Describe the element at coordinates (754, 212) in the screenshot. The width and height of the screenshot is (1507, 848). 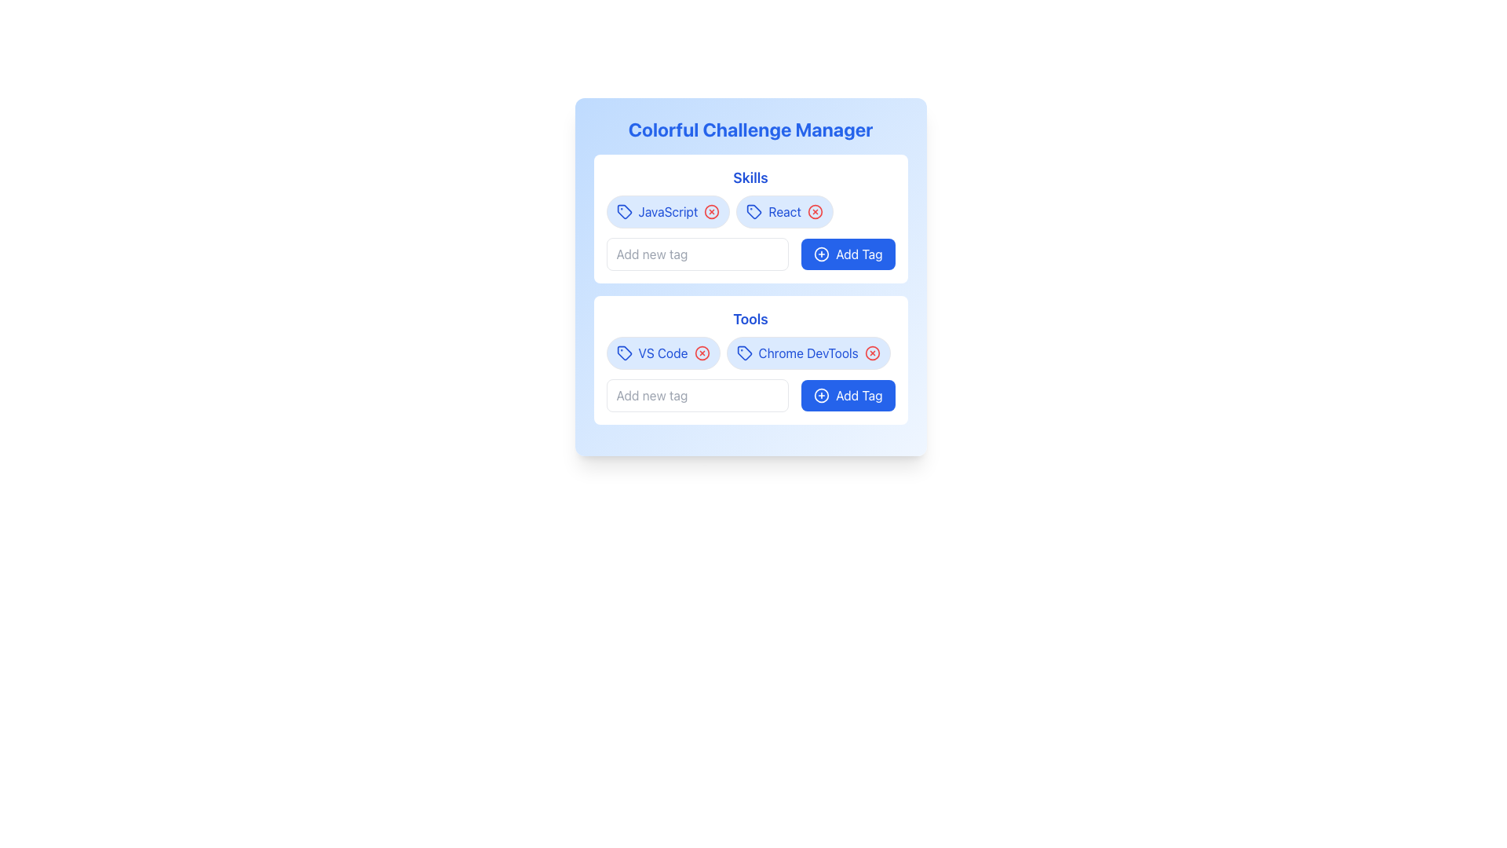
I see `the tag icon representing a skill in the second position under the 'Skills' section of the 'Colorful Challenge Manager'` at that location.